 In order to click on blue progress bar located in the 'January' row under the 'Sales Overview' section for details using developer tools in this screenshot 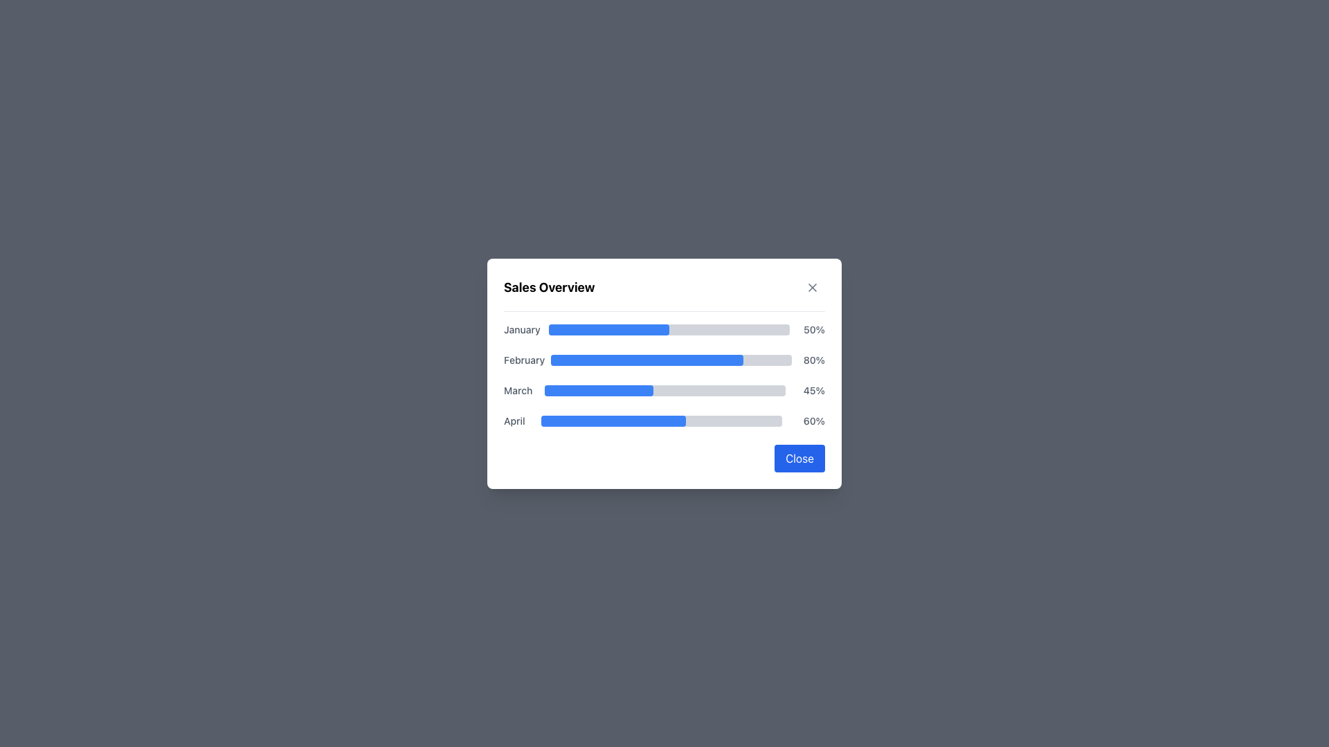, I will do `click(608, 329)`.